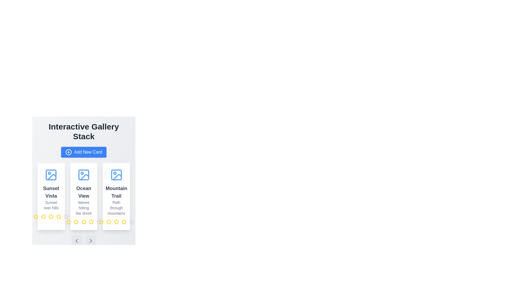 The height and width of the screenshot is (292, 519). Describe the element at coordinates (76, 241) in the screenshot. I see `the small leftward-oriented chevron icon located inside the navigation control section at the bottom of the interface for tooltip or indication` at that location.